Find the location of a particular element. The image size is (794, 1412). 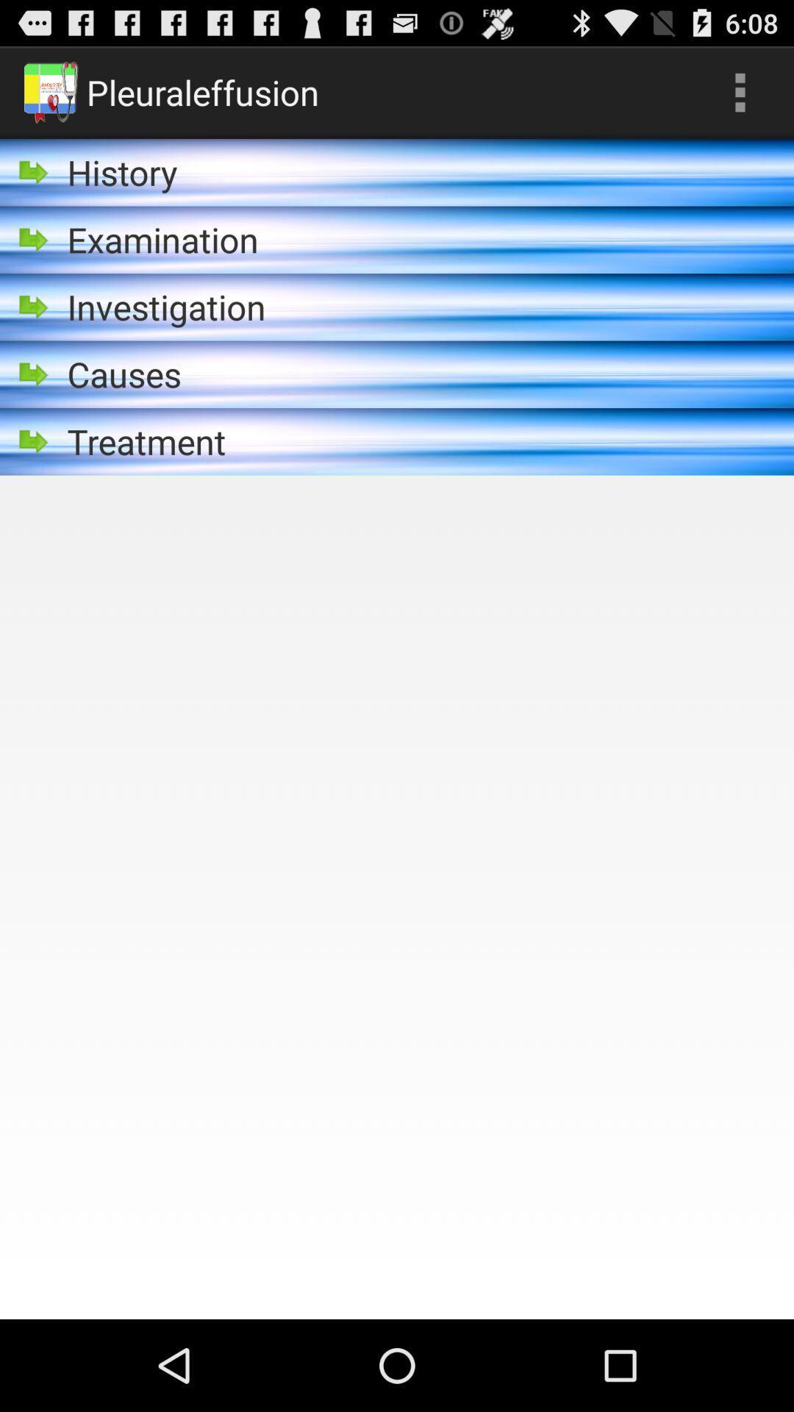

icon at the top right corner is located at coordinates (740, 91).